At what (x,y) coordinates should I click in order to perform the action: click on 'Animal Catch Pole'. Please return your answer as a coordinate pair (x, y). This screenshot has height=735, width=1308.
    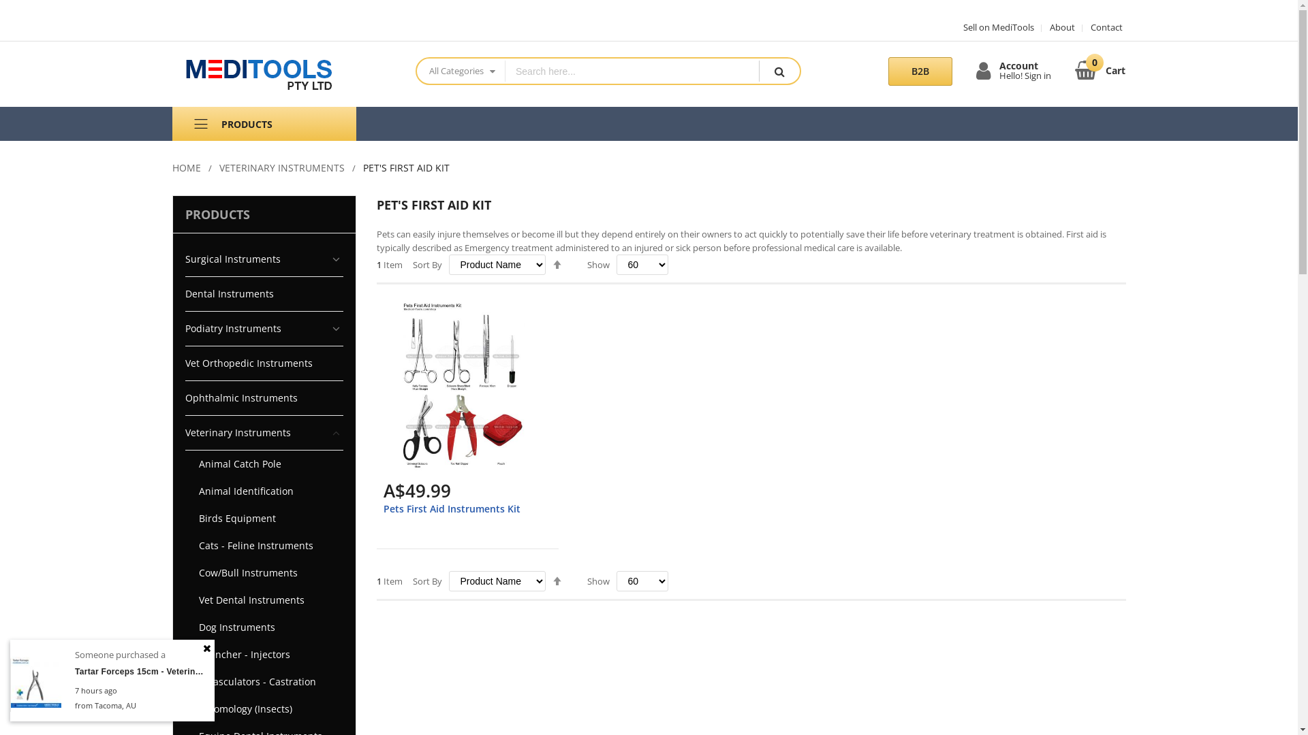
    Looking at the image, I should click on (264, 463).